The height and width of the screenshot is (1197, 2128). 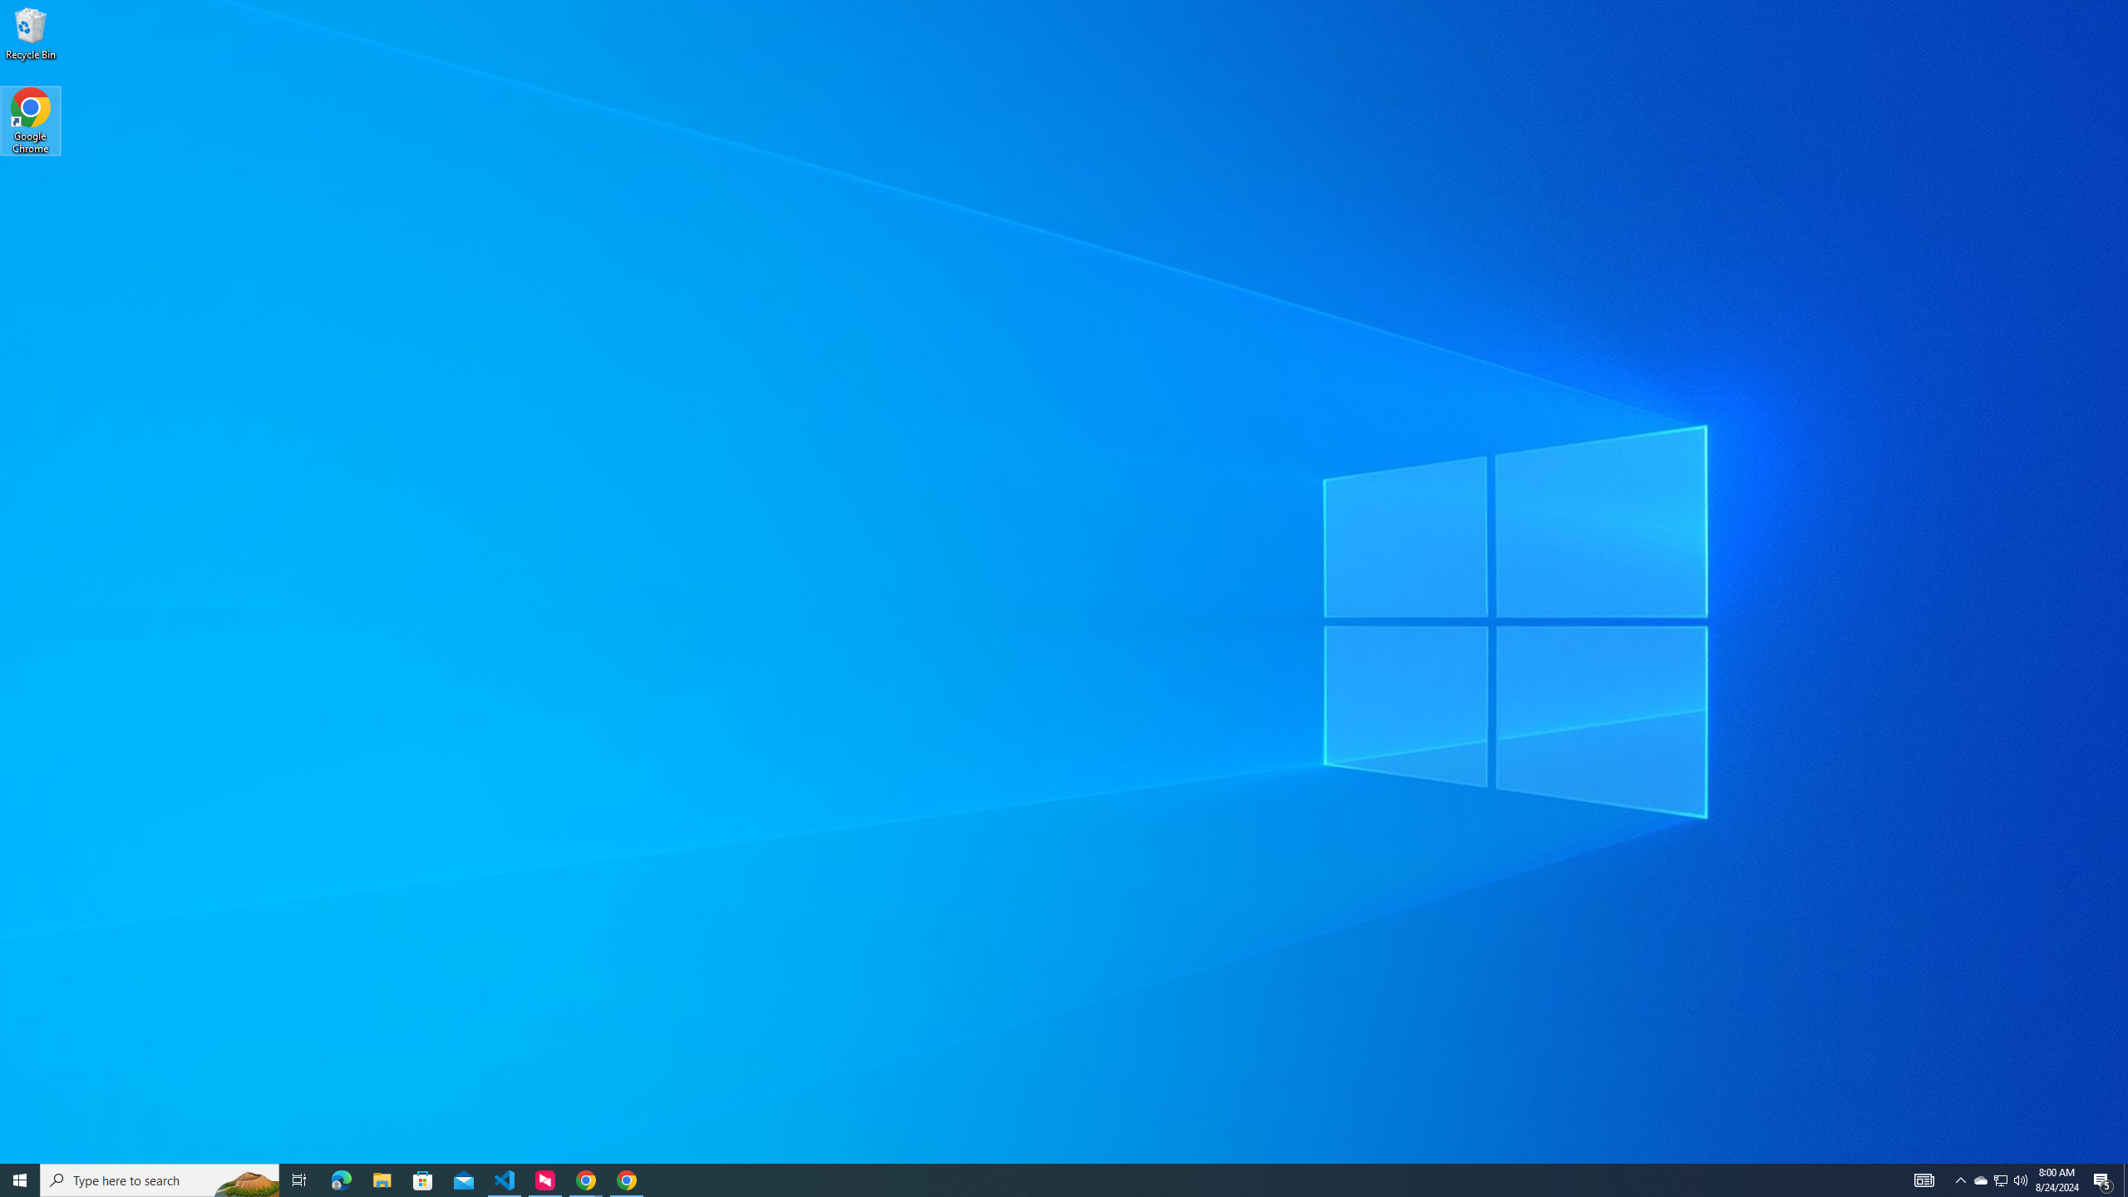 I want to click on 'Google Chrome', so click(x=30, y=121).